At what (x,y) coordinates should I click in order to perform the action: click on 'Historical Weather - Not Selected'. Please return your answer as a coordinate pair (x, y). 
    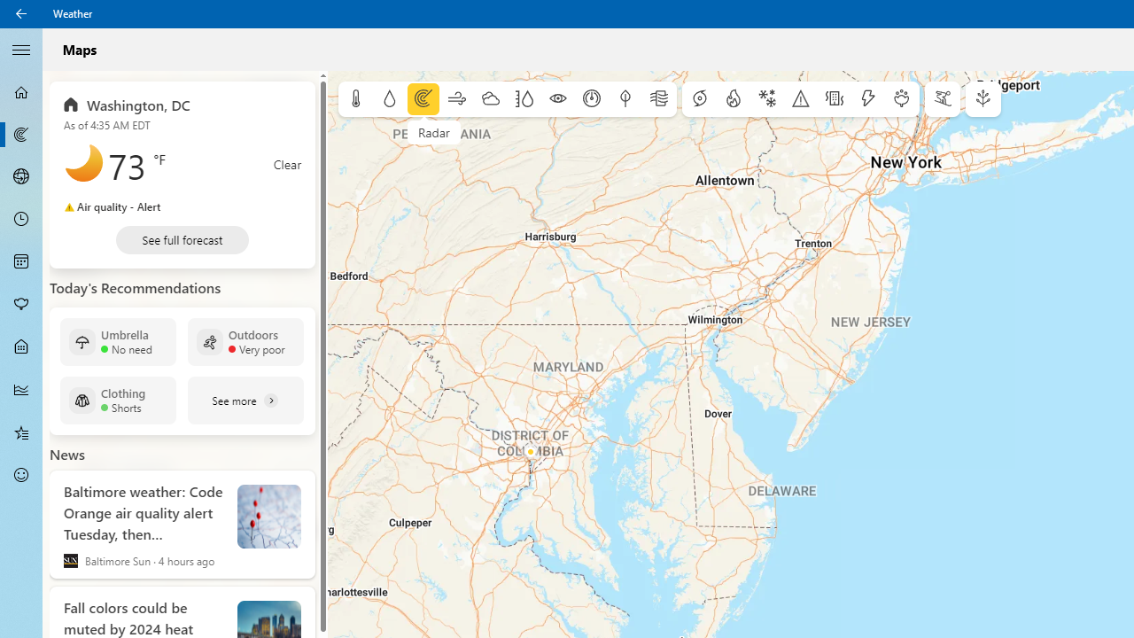
    Looking at the image, I should click on (21, 388).